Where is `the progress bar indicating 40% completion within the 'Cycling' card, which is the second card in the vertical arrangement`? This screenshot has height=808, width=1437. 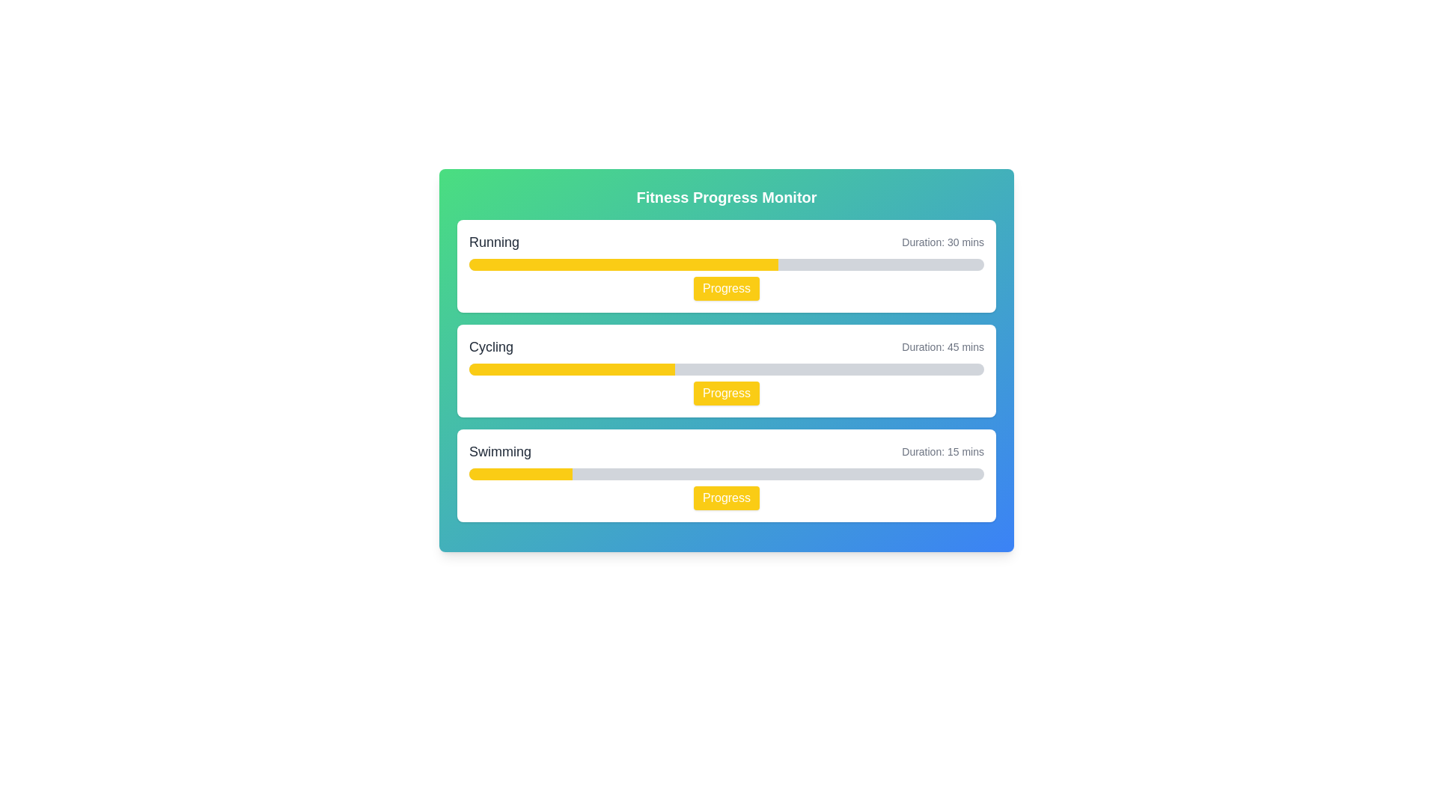 the progress bar indicating 40% completion within the 'Cycling' card, which is the second card in the vertical arrangement is located at coordinates (726, 369).